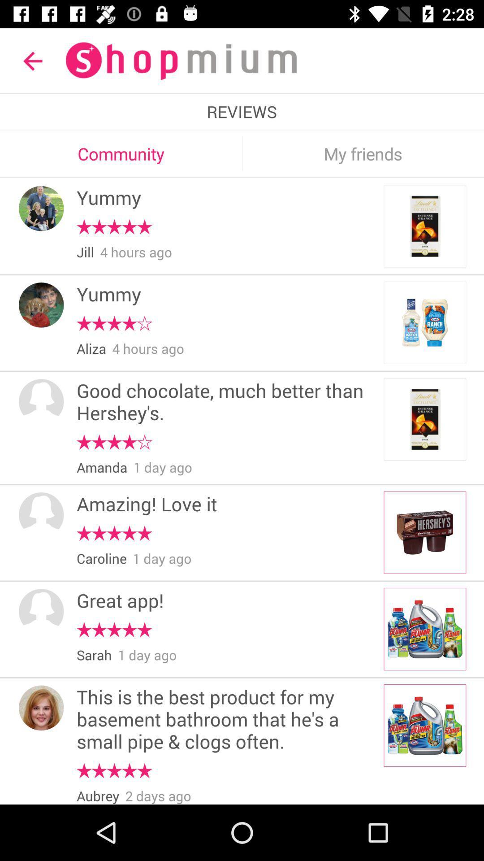 The image size is (484, 861). Describe the element at coordinates (101, 467) in the screenshot. I see `item next to the 1 day ago icon` at that location.